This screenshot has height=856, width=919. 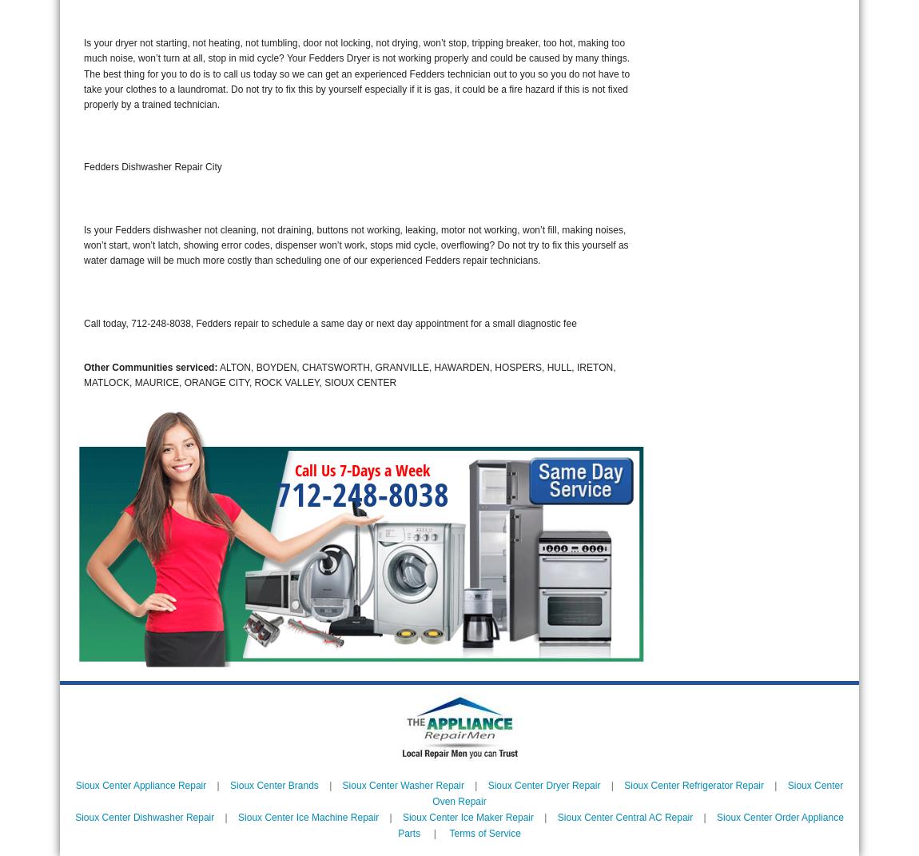 I want to click on 'Call Us 7-Days a Week', so click(x=362, y=470).